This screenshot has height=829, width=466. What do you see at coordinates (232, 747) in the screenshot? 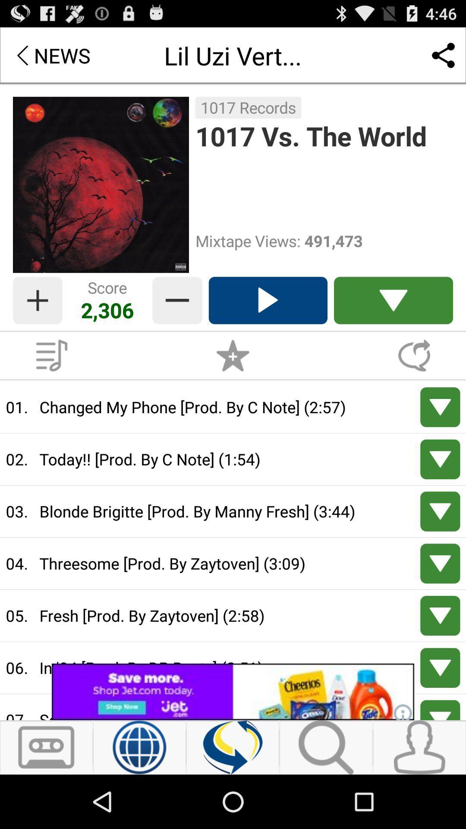
I see `reload` at bounding box center [232, 747].